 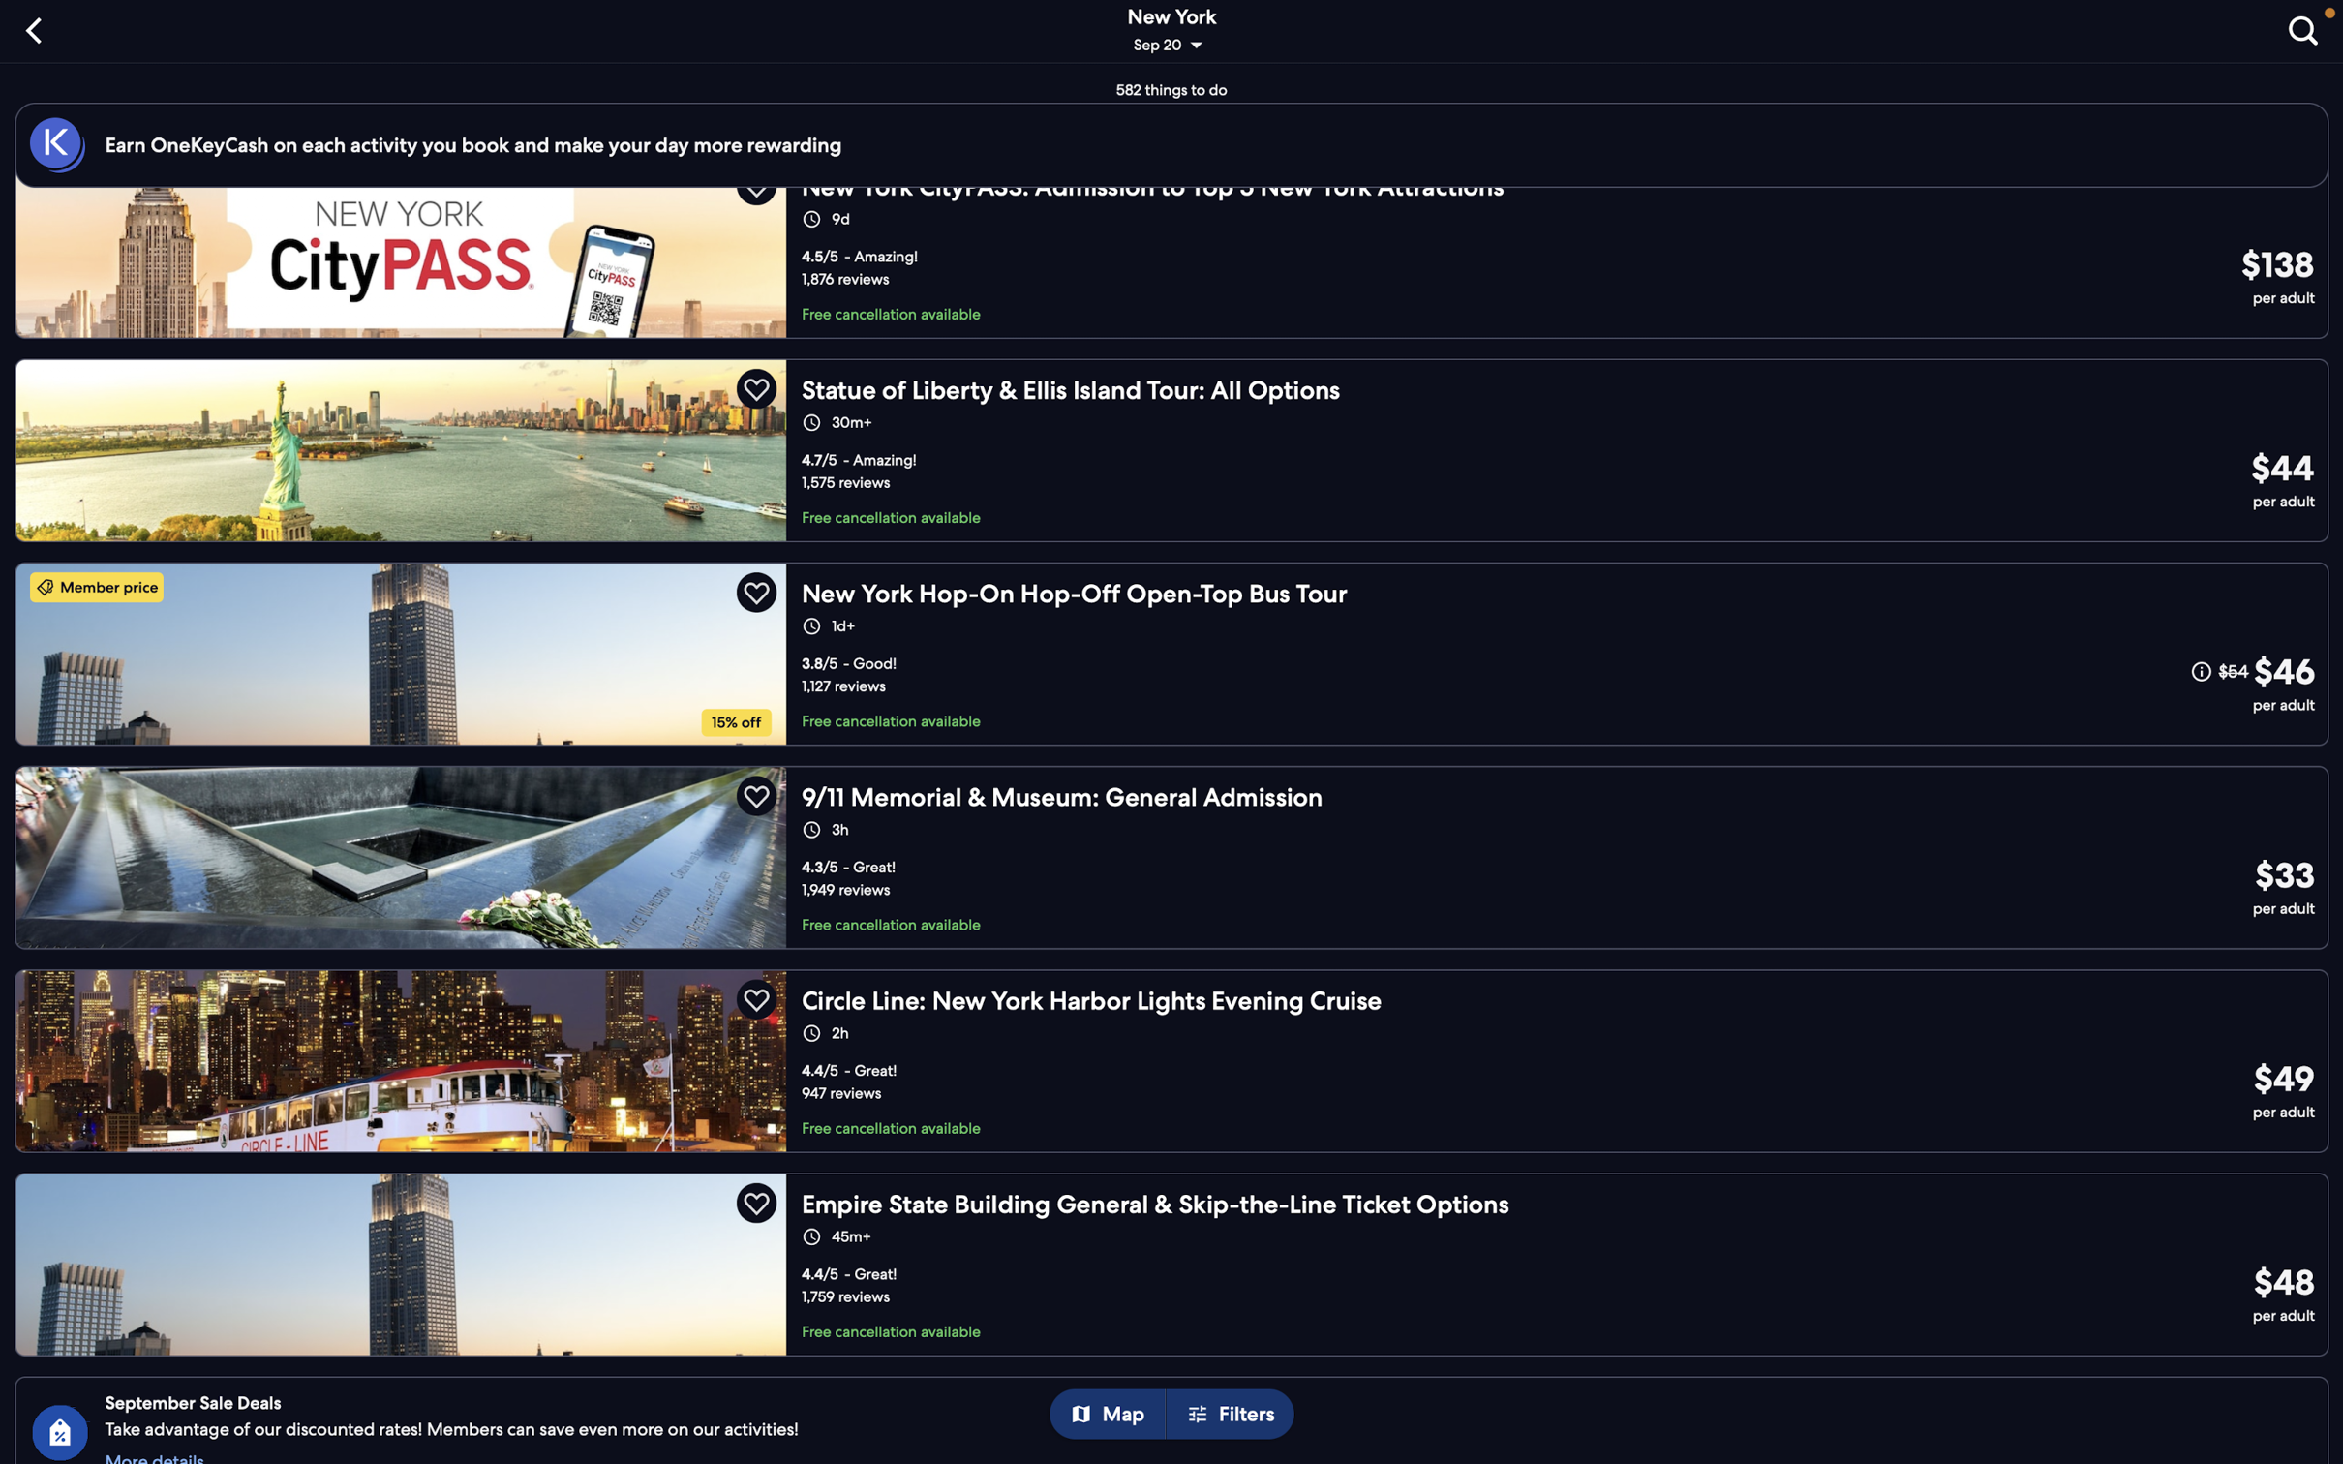 I want to click on the "back" button to navigate to the last page, so click(x=38, y=28).